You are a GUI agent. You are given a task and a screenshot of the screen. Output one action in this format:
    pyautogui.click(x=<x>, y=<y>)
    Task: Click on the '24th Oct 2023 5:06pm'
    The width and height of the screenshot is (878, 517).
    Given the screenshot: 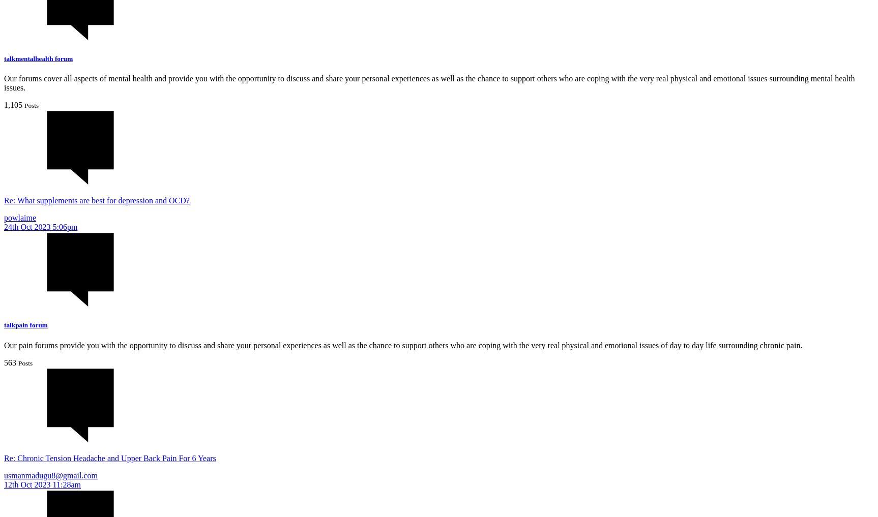 What is the action you would take?
    pyautogui.click(x=40, y=227)
    